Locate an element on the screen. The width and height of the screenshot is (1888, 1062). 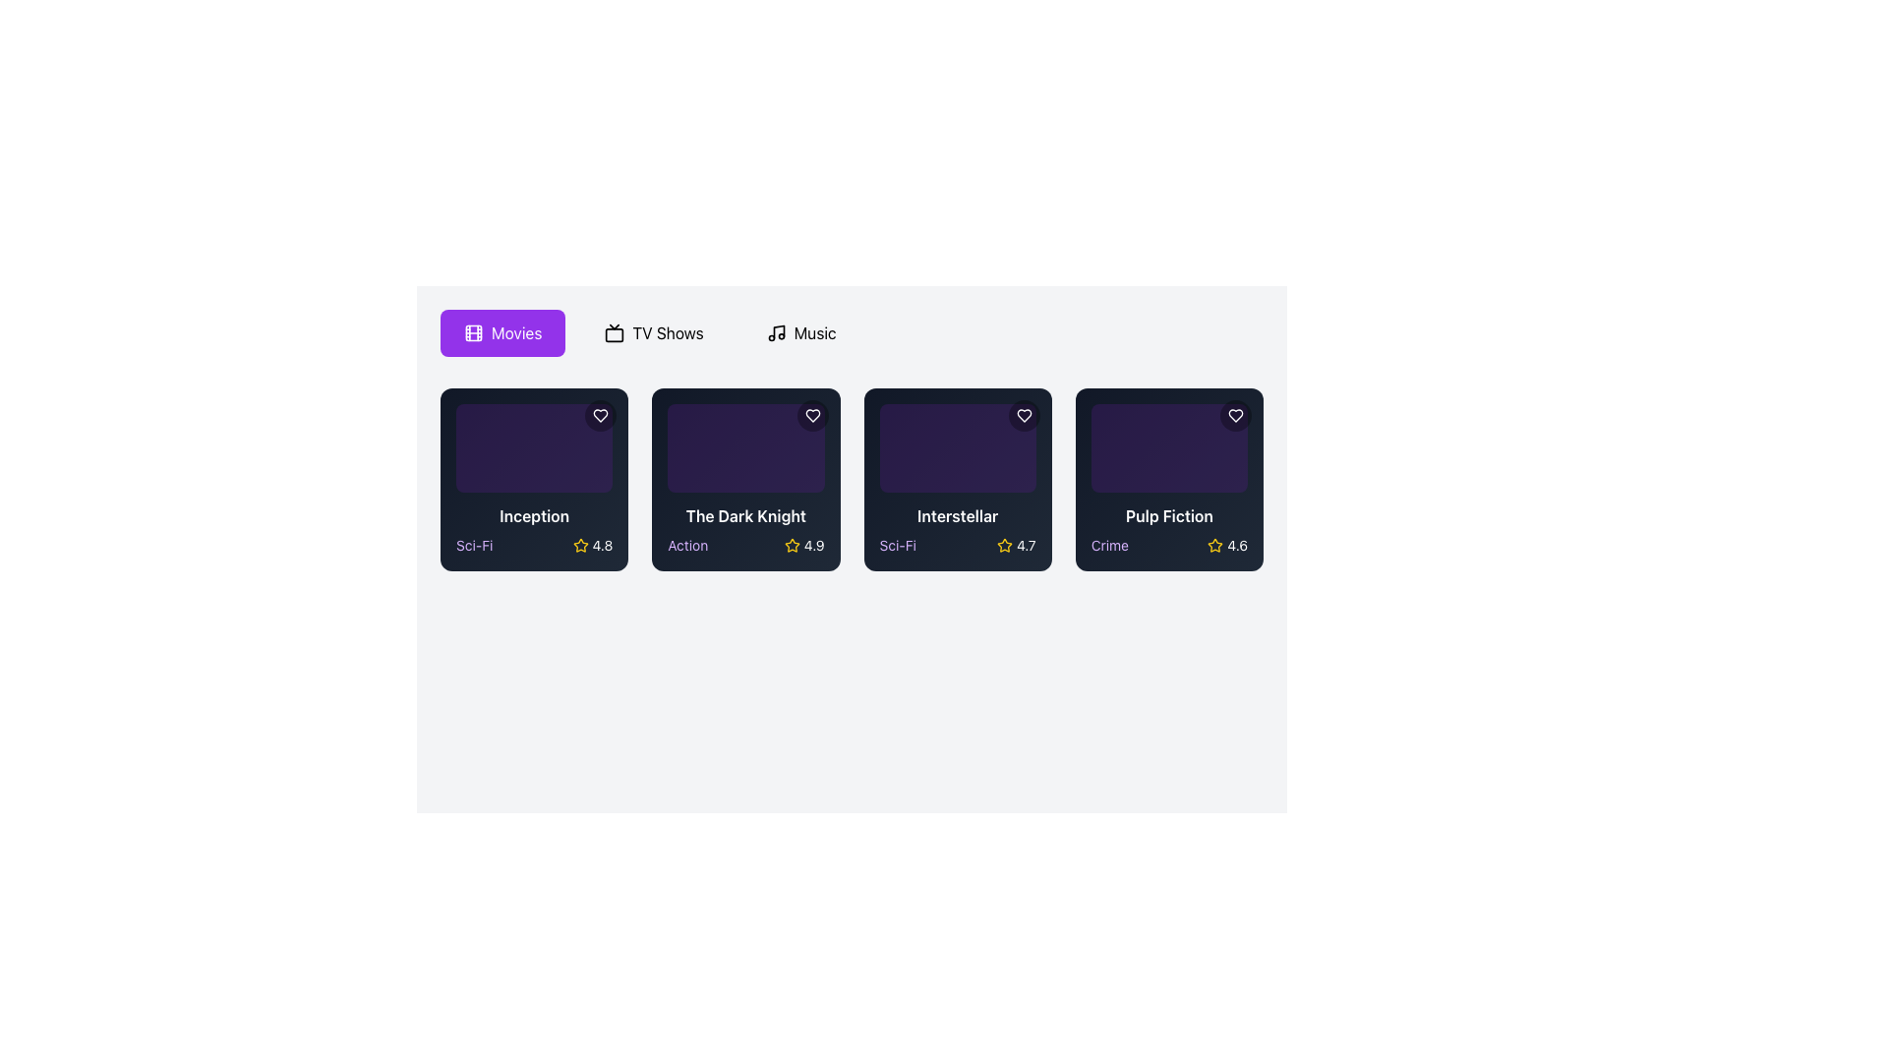
the text label displaying 'Crime' in light purple font, which is styled with the 'text-sm' class and is located under the title 'Pulp Fiction' is located at coordinates (1109, 545).